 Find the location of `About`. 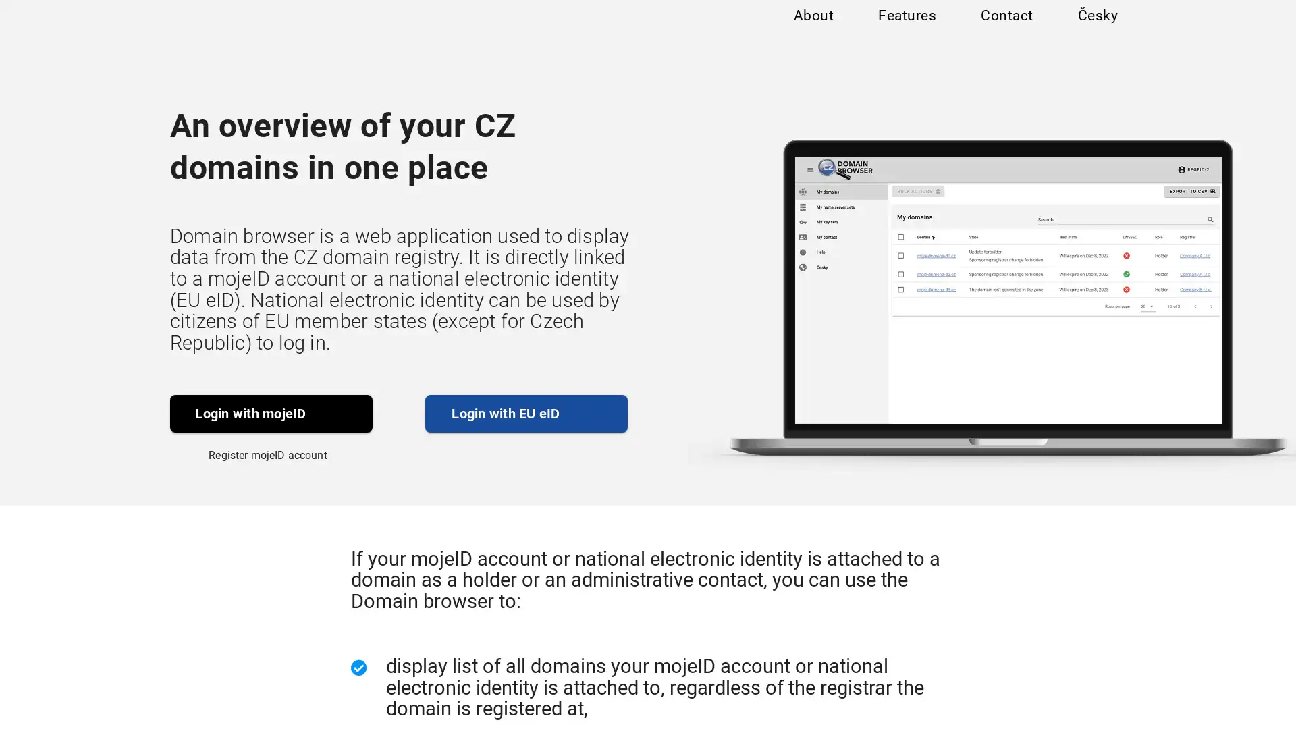

About is located at coordinates (812, 28).